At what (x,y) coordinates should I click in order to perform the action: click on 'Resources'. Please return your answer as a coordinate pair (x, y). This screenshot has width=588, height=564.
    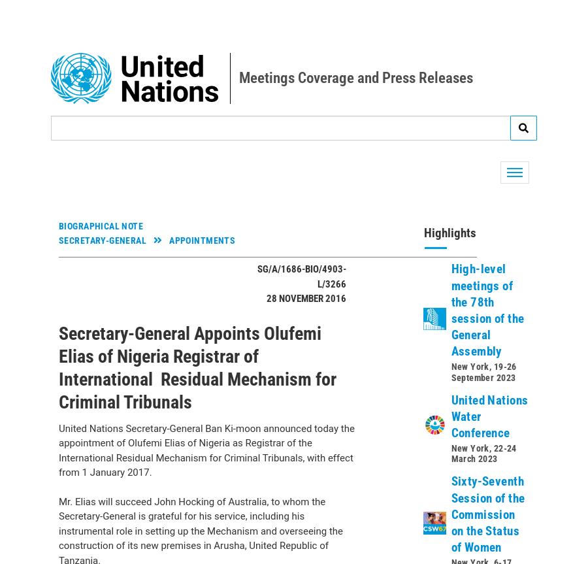
    Looking at the image, I should click on (78, 340).